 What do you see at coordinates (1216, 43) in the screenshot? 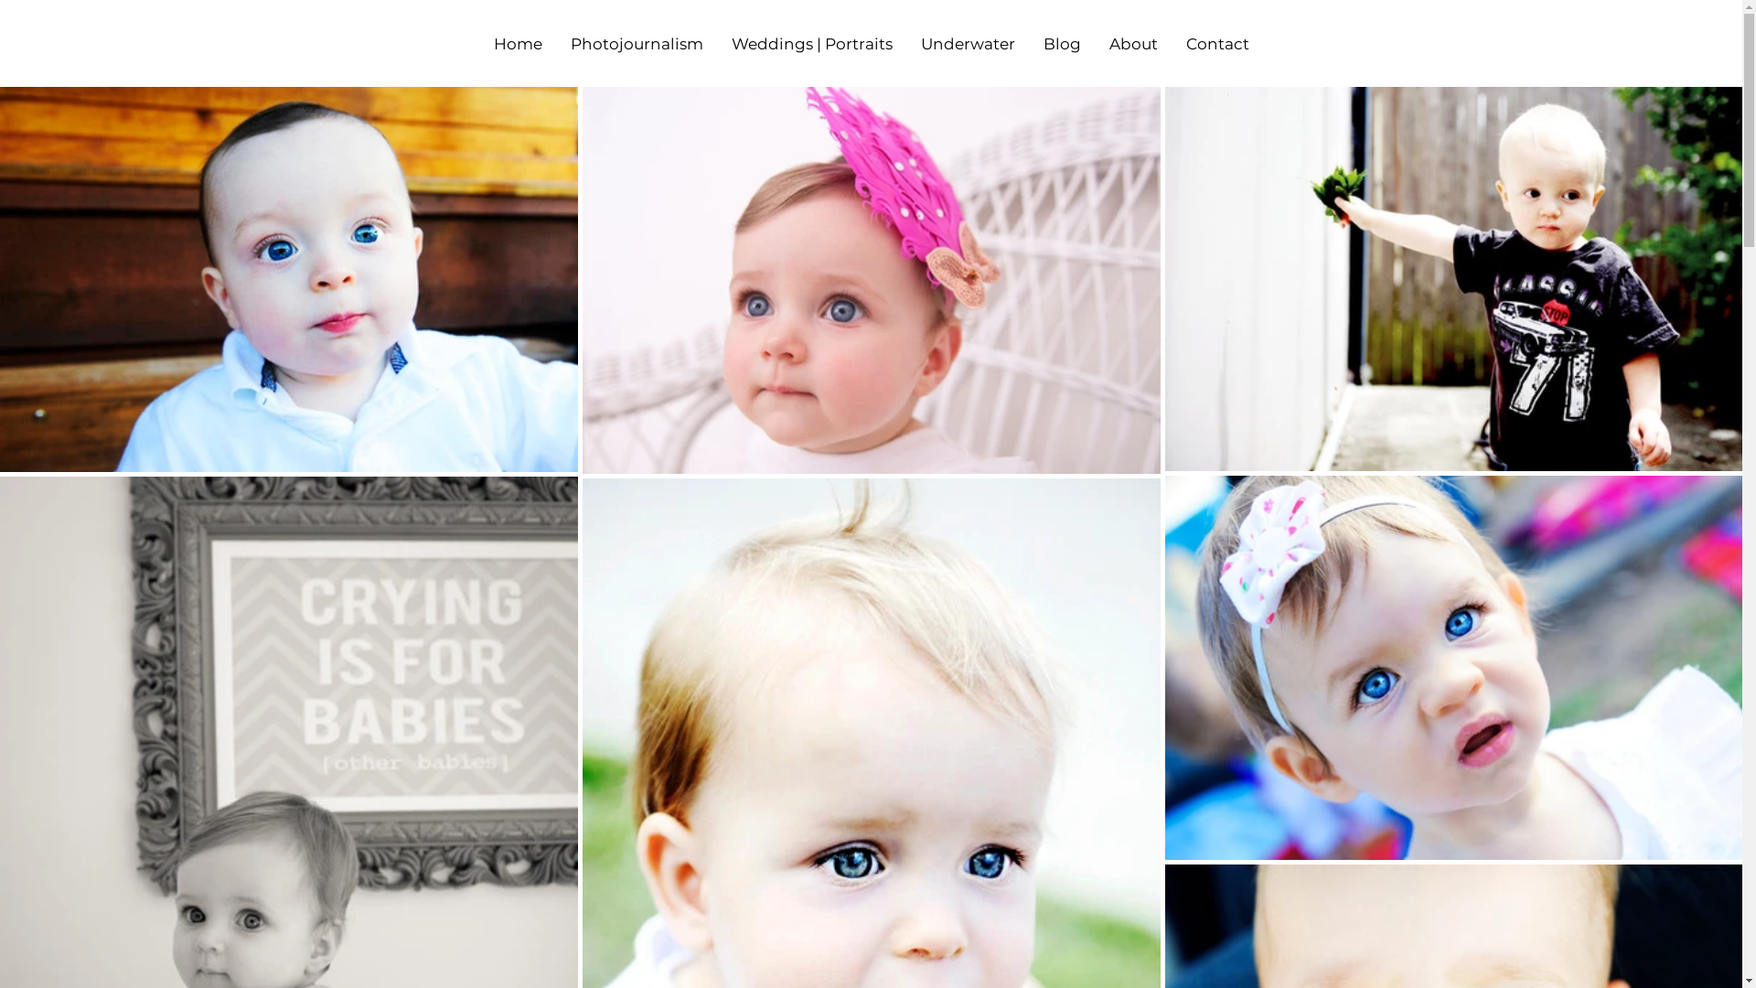
I see `'Contact'` at bounding box center [1216, 43].